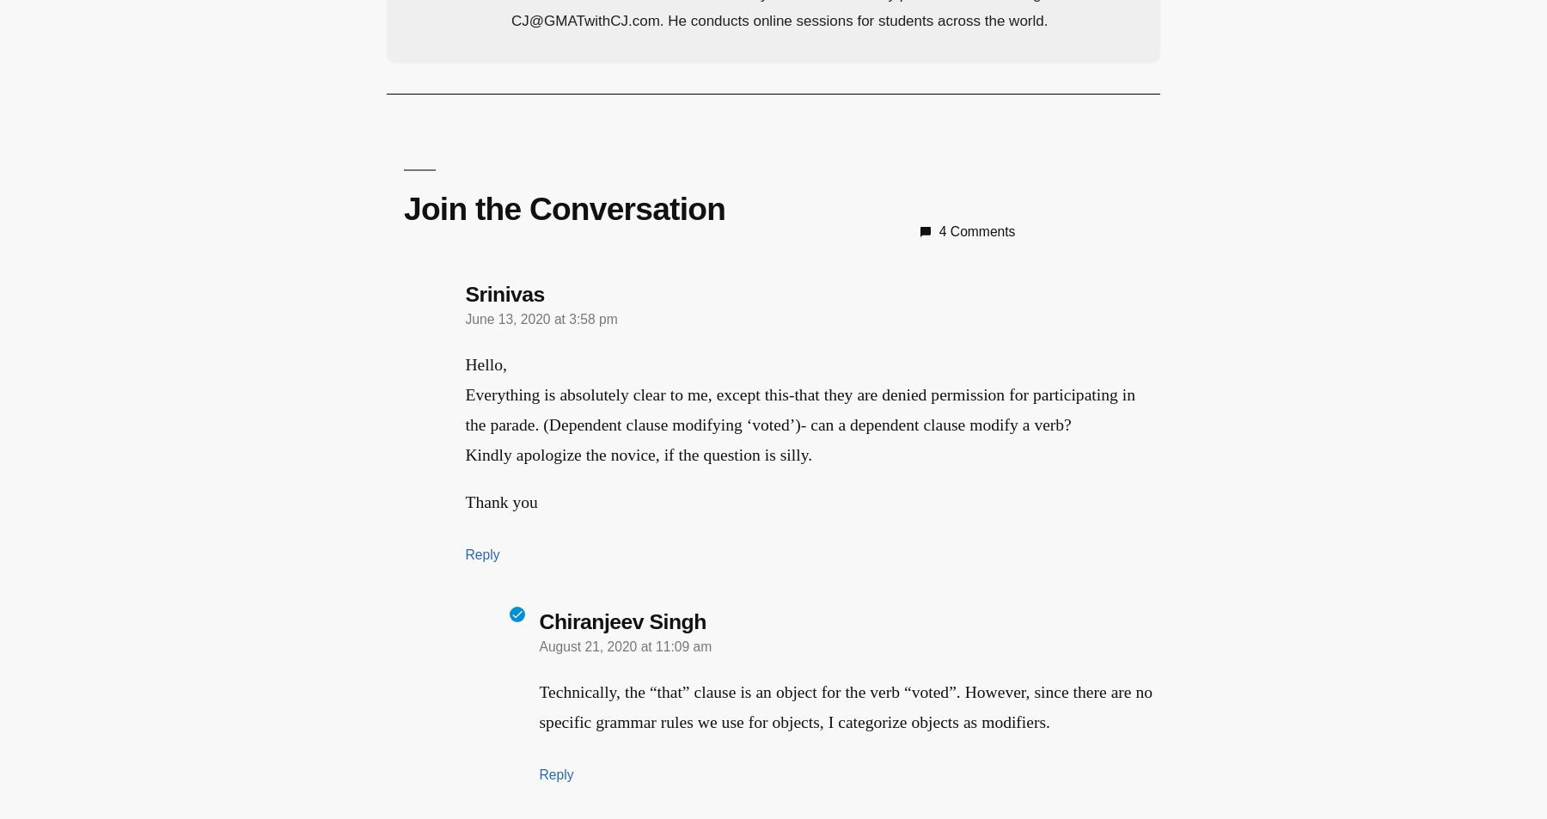  Describe the element at coordinates (541, 316) in the screenshot. I see `'June 13, 2020 at 3:58 pm'` at that location.